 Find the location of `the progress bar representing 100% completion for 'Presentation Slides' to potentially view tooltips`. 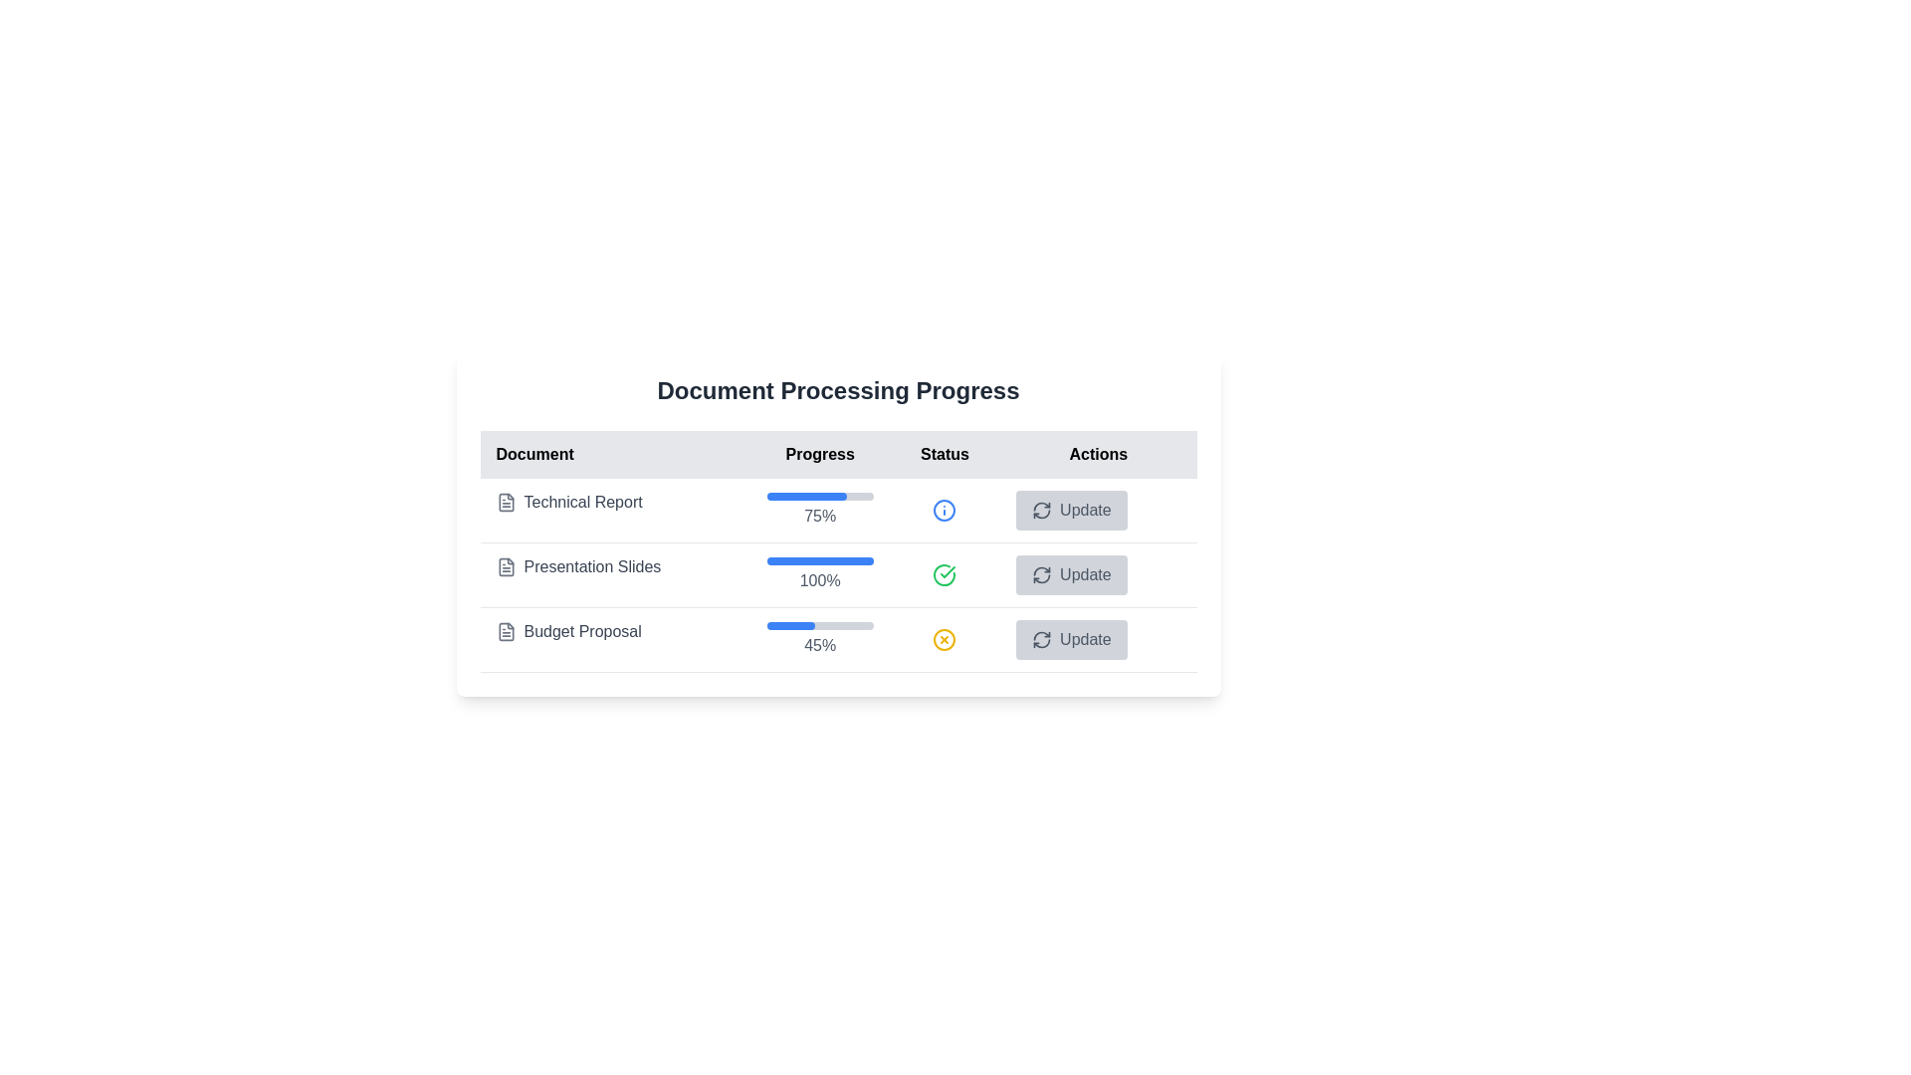

the progress bar representing 100% completion for 'Presentation Slides' to potentially view tooltips is located at coordinates (820, 560).